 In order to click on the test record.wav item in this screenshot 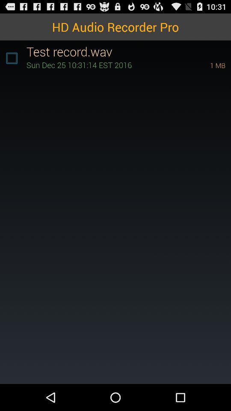, I will do `click(128, 51)`.